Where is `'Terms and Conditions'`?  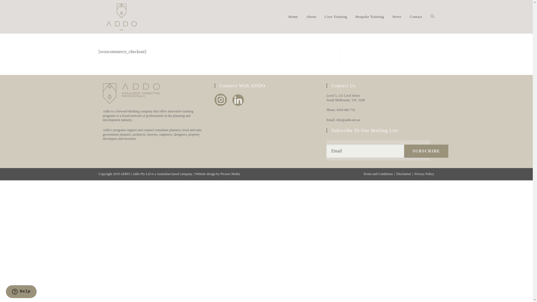 'Terms and Conditions' is located at coordinates (378, 173).